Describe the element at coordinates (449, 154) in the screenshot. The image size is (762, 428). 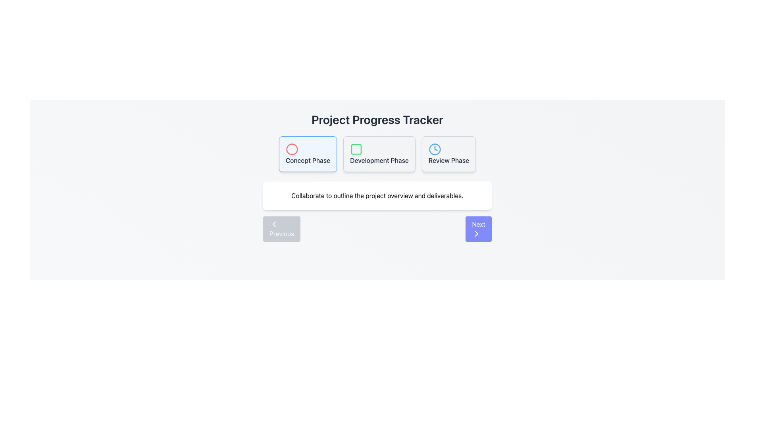
I see `the 'Review Phase' button, which is the rightmost button among three horizontally aligned buttons labeled 'Concept Phase', 'Development Phase', and 'Review Phase'` at that location.